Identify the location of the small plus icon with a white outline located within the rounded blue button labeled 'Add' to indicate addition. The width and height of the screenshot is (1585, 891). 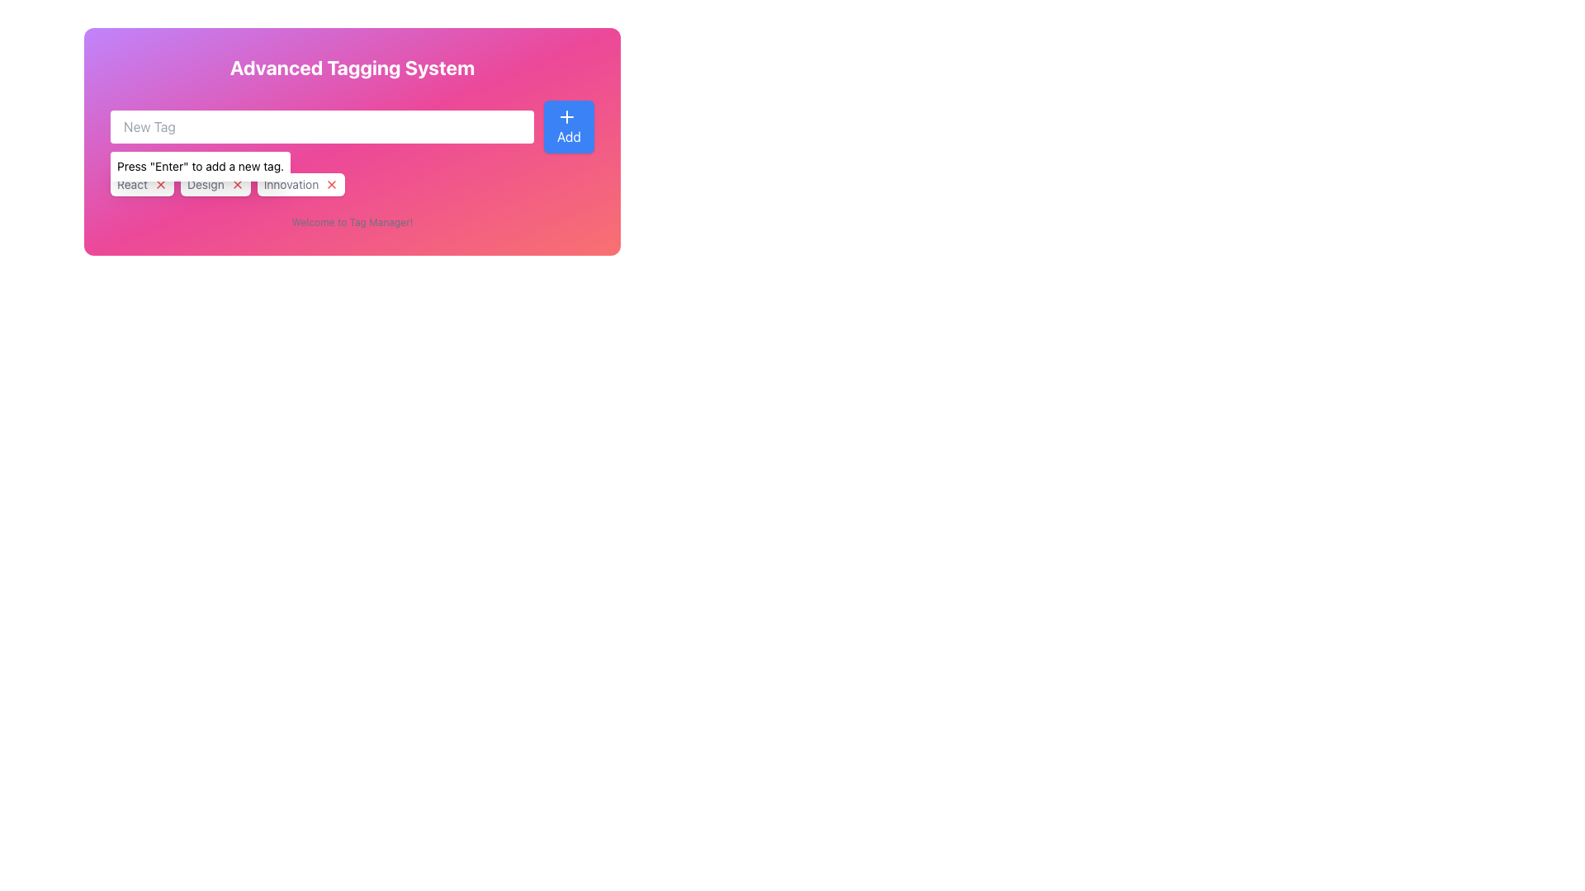
(566, 116).